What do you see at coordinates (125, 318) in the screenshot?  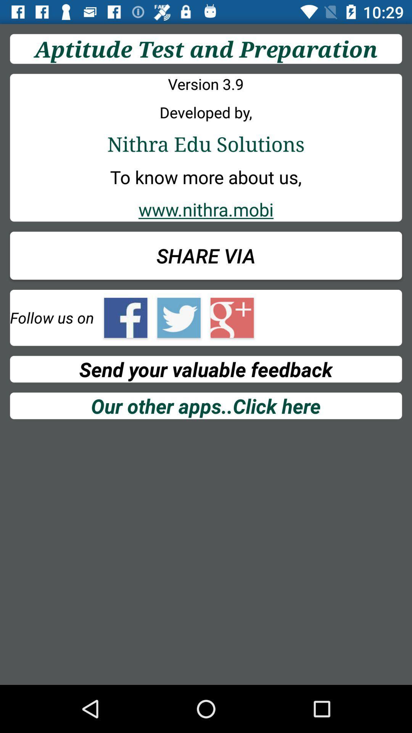 I see `share on facebook` at bounding box center [125, 318].